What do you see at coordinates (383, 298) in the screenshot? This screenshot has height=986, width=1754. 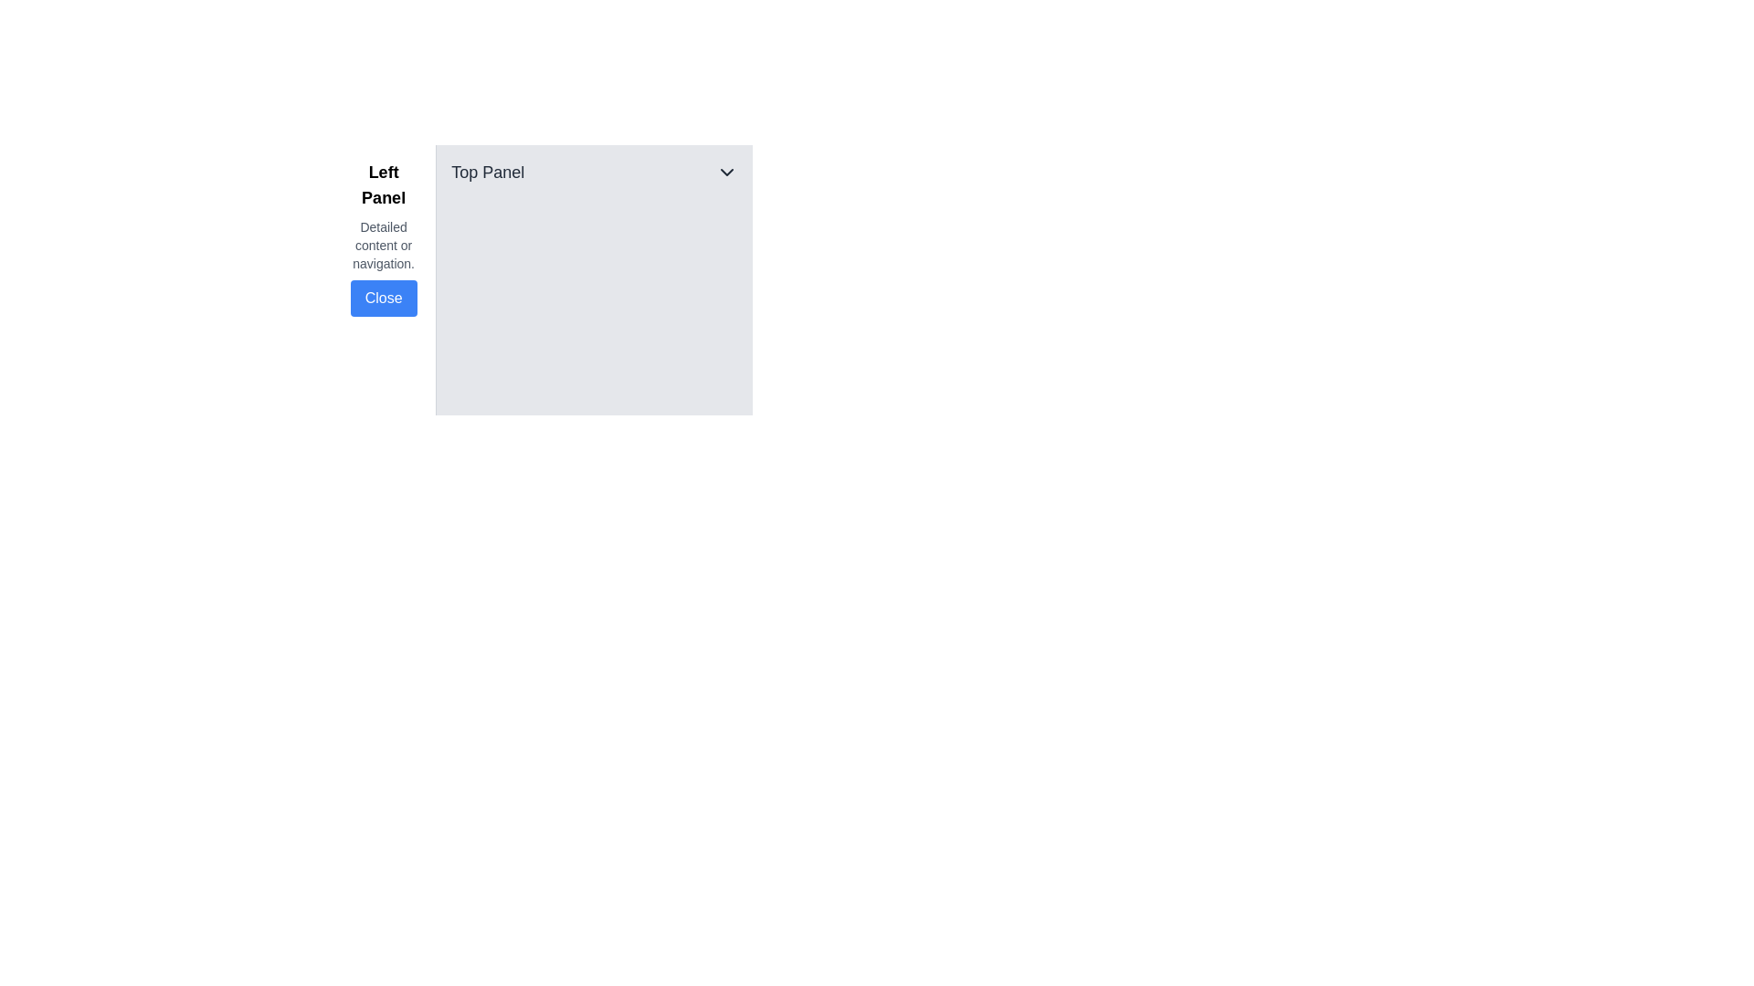 I see `the button located in the left panel's content section, below the text labeled 'Detailed content or navigation'` at bounding box center [383, 298].